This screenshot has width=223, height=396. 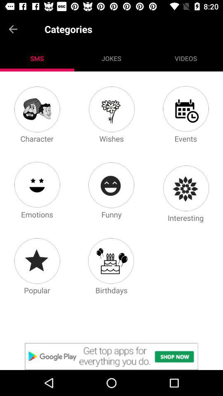 What do you see at coordinates (185, 188) in the screenshot?
I see `interesting section` at bounding box center [185, 188].